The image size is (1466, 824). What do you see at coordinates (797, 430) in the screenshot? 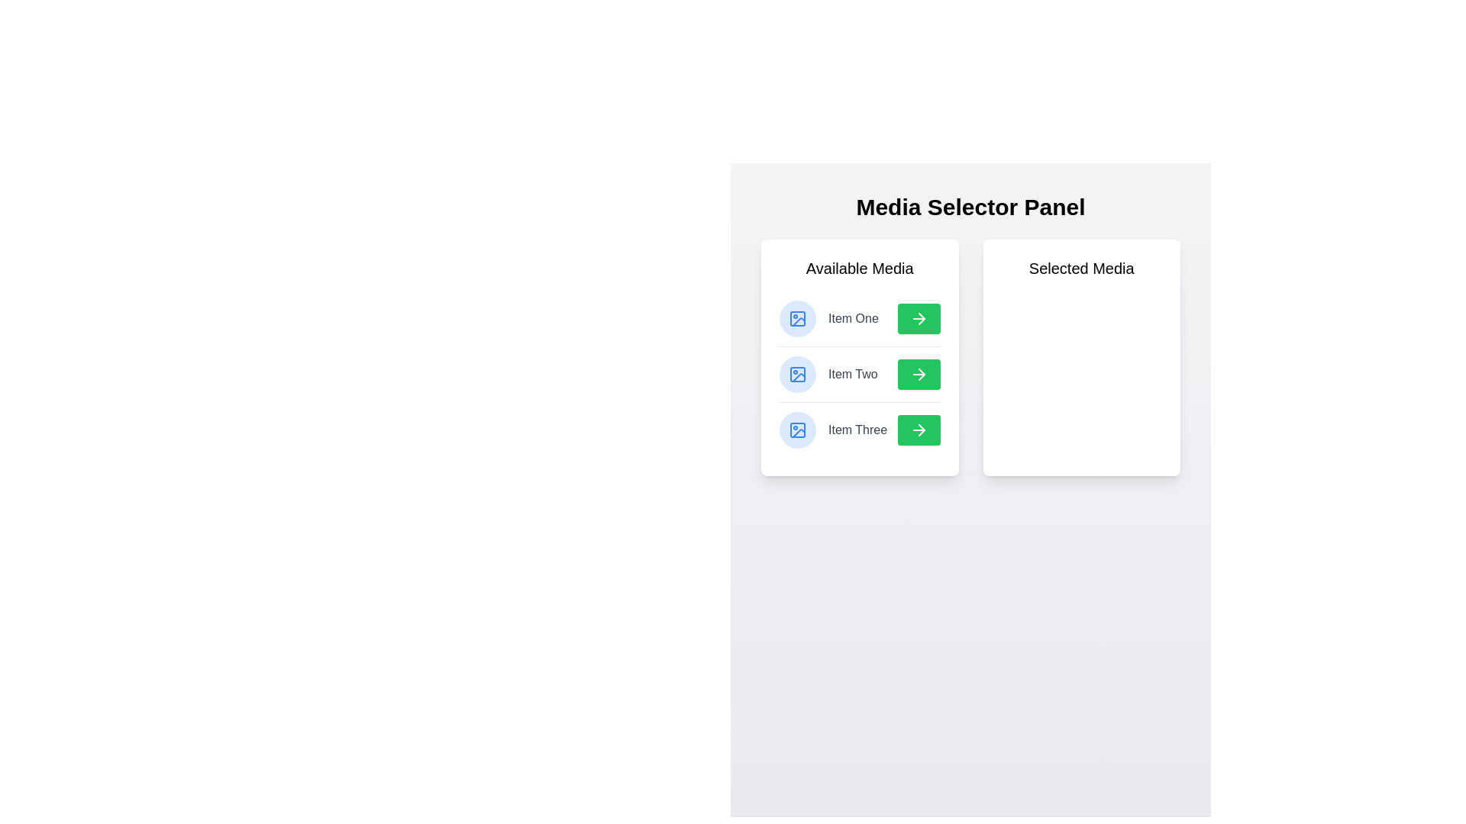
I see `the SVG-based graphical icon for 'Item Three' located in the 'Available Media' section, which is represented by a circular blue background` at bounding box center [797, 430].